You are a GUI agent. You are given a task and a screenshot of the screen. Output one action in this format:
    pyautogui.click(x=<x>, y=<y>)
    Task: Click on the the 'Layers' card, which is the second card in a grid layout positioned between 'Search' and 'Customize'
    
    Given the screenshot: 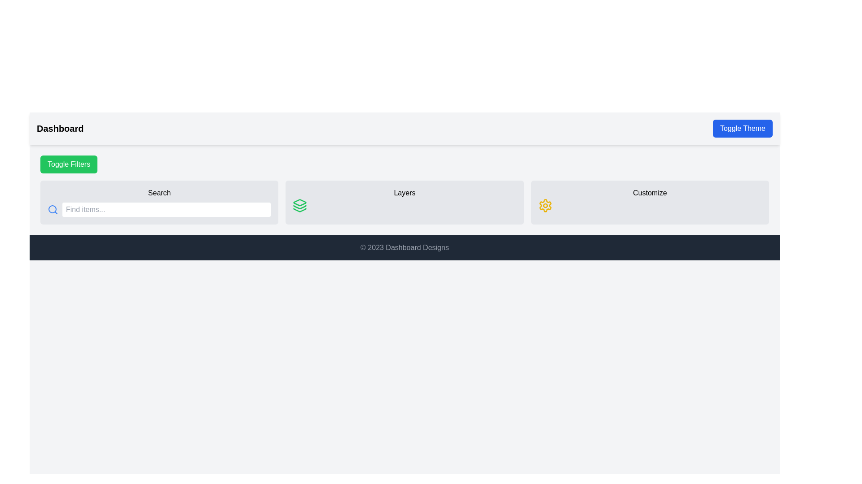 What is the action you would take?
    pyautogui.click(x=404, y=202)
    